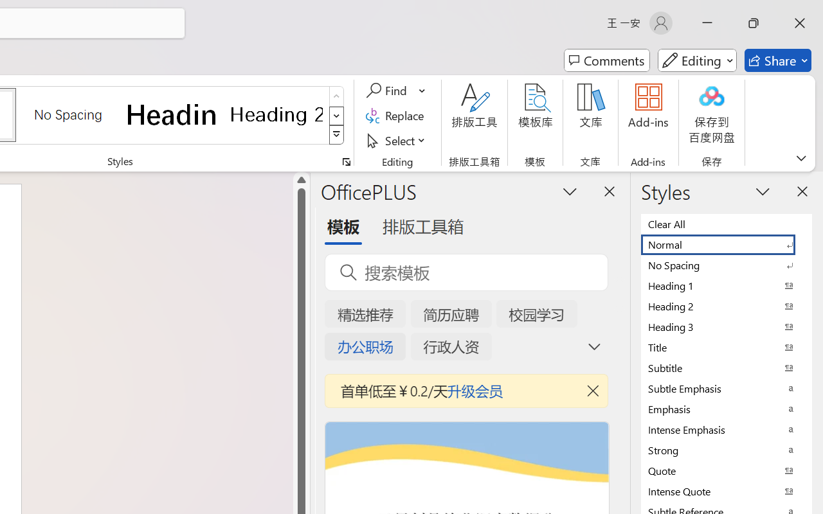 Image resolution: width=823 pixels, height=514 pixels. I want to click on 'Row Down', so click(336, 115).